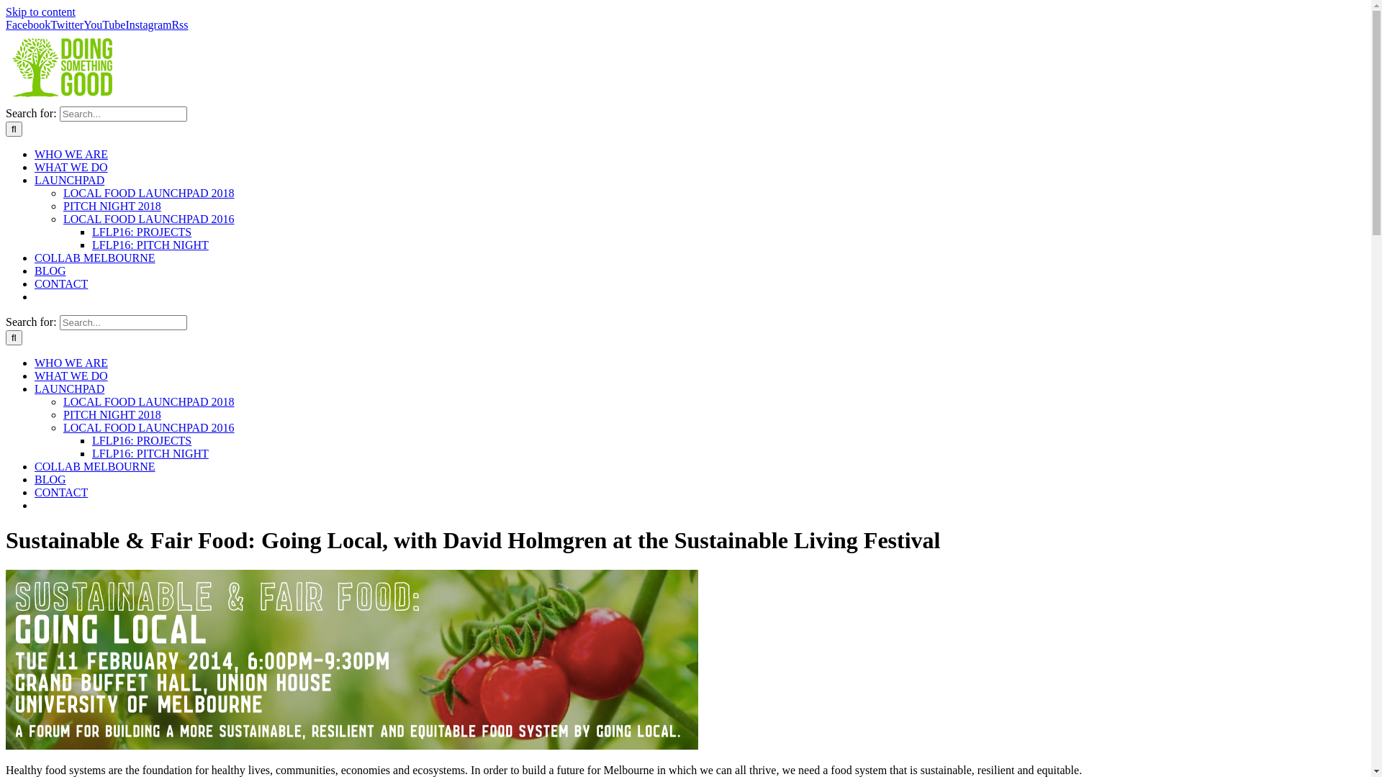 This screenshot has width=1382, height=777. What do you see at coordinates (148, 427) in the screenshot?
I see `'LOCAL FOOD LAUNCHPAD 2016'` at bounding box center [148, 427].